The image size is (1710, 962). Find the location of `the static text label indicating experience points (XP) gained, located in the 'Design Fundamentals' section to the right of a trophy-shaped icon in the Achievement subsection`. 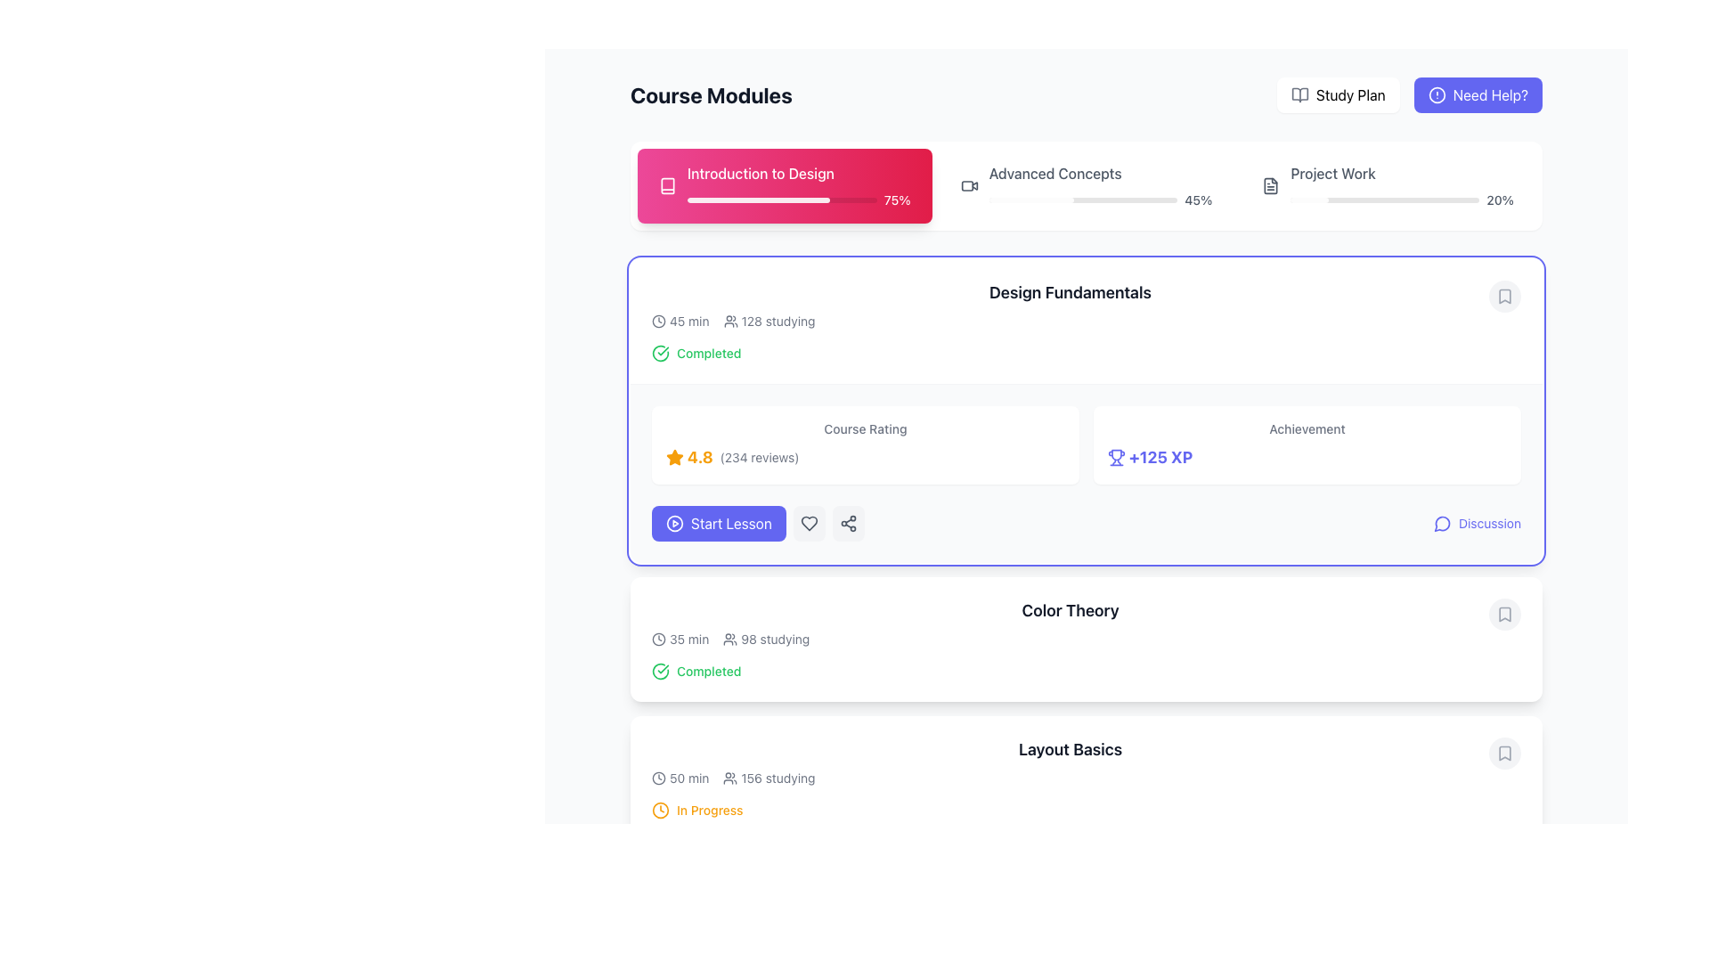

the static text label indicating experience points (XP) gained, located in the 'Design Fundamentals' section to the right of a trophy-shaped icon in the Achievement subsection is located at coordinates (1160, 456).